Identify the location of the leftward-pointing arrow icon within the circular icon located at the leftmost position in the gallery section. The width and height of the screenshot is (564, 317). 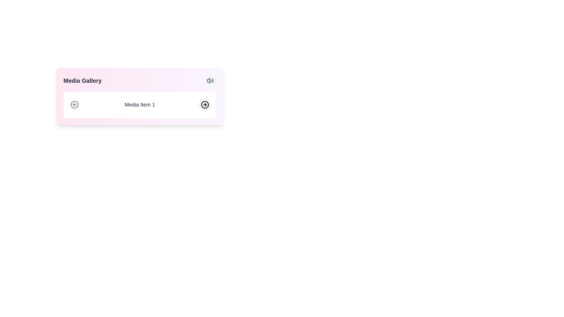
(73, 104).